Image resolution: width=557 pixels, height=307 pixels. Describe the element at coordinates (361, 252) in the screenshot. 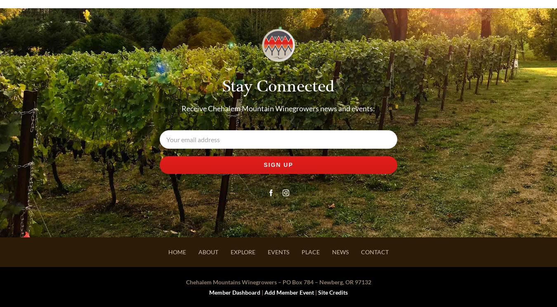

I see `'CONTACT'` at that location.